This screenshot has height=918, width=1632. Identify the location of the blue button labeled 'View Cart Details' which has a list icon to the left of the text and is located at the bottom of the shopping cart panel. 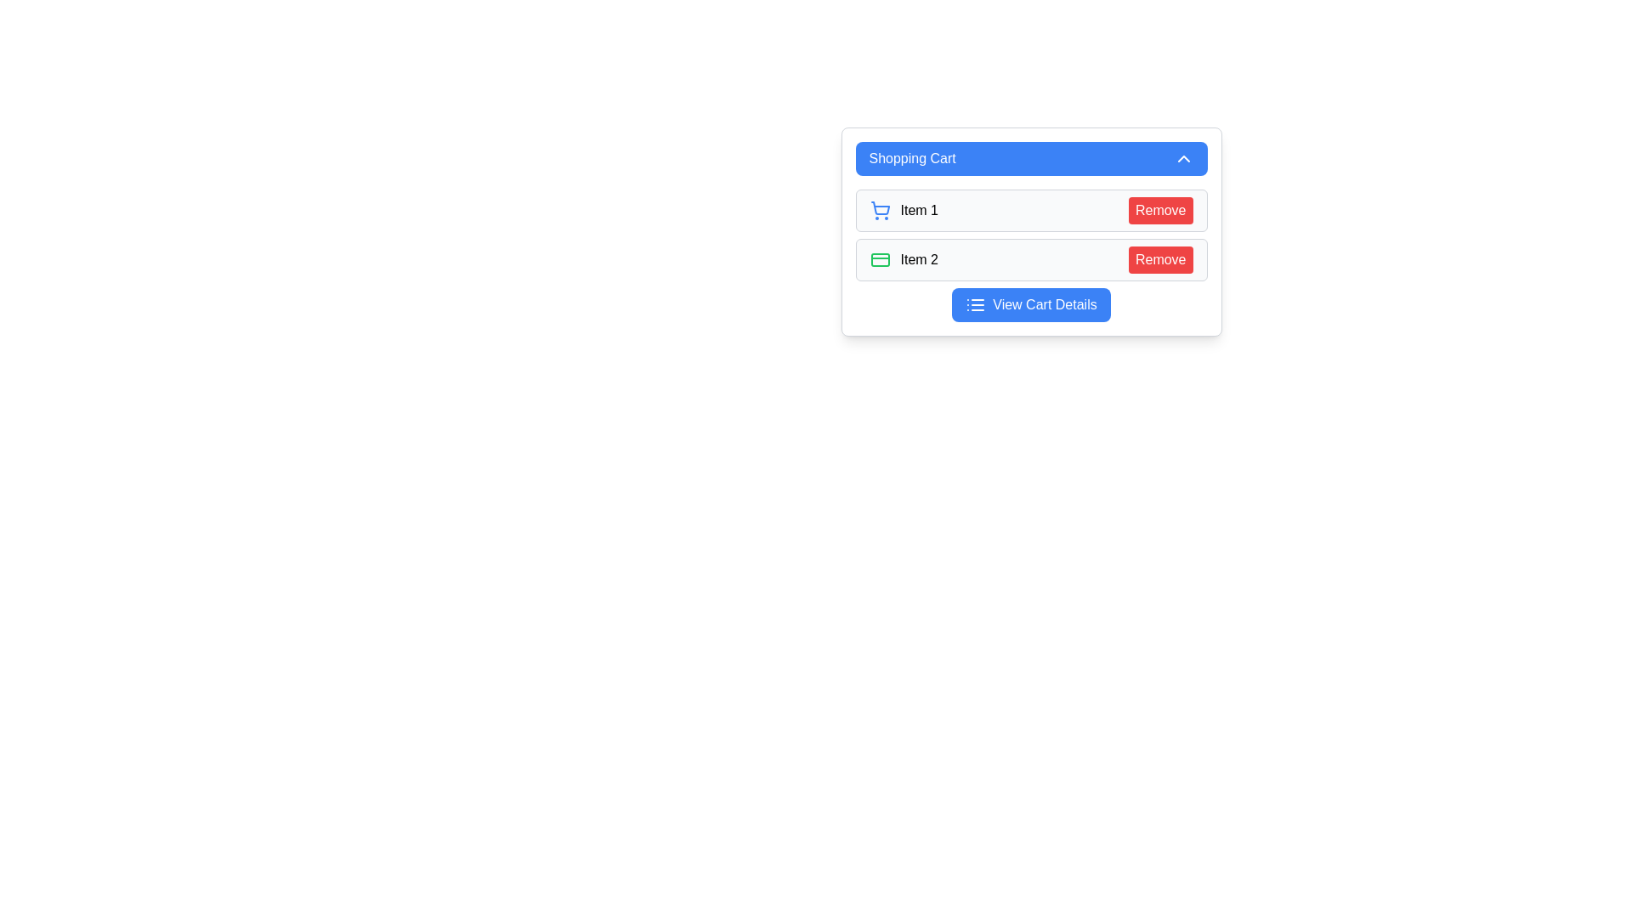
(1030, 303).